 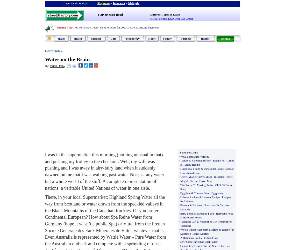 I want to click on 'Home', so click(x=148, y=38).